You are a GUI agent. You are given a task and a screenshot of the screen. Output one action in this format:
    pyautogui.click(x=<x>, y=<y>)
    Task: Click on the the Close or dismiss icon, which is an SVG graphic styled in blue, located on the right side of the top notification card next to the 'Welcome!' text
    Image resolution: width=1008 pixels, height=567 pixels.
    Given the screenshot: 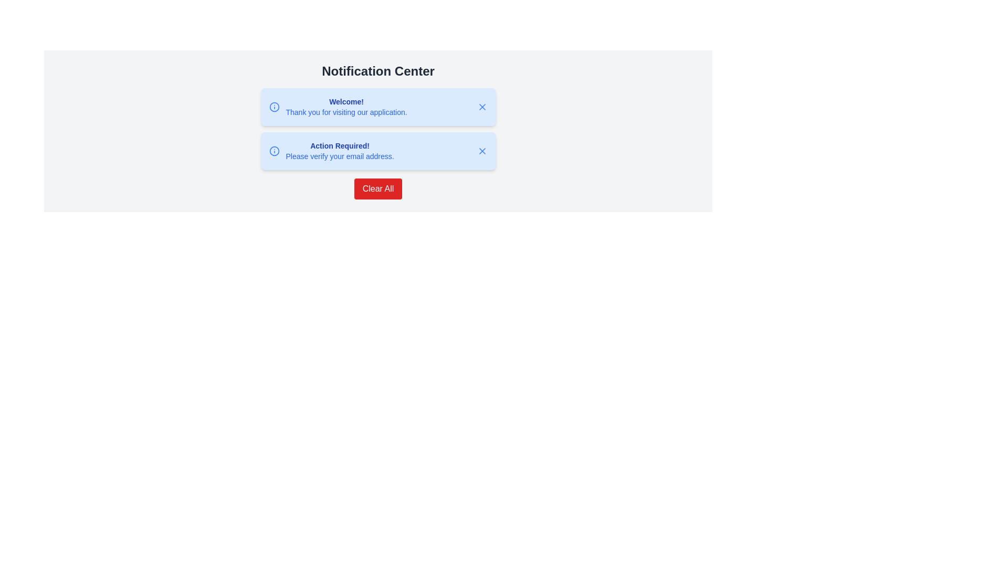 What is the action you would take?
    pyautogui.click(x=481, y=107)
    